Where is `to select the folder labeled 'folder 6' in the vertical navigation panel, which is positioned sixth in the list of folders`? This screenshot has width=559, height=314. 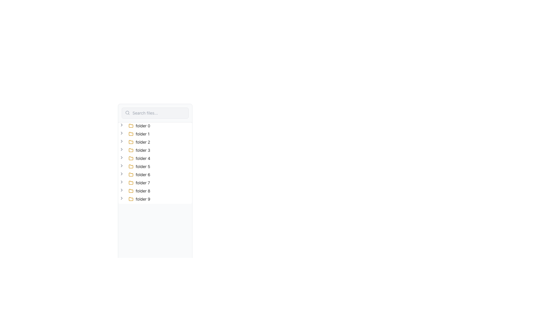
to select the folder labeled 'folder 6' in the vertical navigation panel, which is positioned sixth in the list of folders is located at coordinates (143, 174).